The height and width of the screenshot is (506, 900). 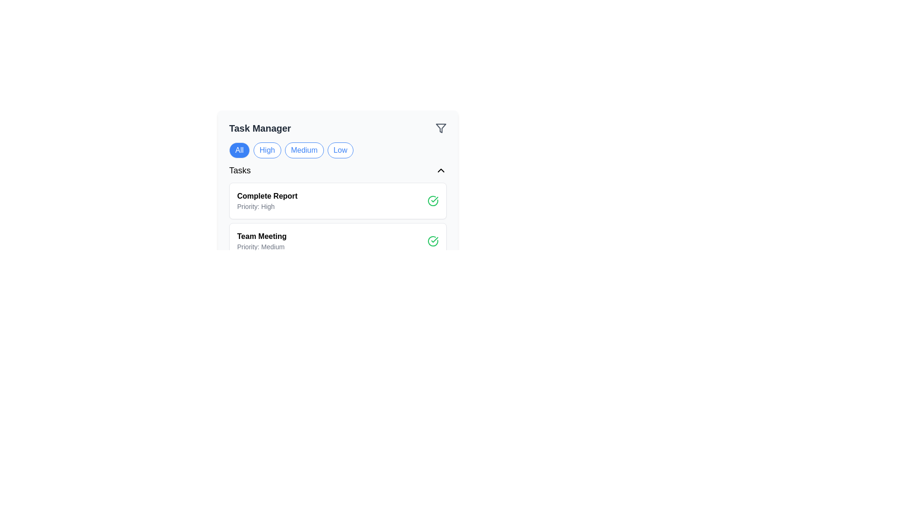 I want to click on the filter SVG Icon located at the top-right corner of the 'Task Manager' section, so click(x=440, y=128).